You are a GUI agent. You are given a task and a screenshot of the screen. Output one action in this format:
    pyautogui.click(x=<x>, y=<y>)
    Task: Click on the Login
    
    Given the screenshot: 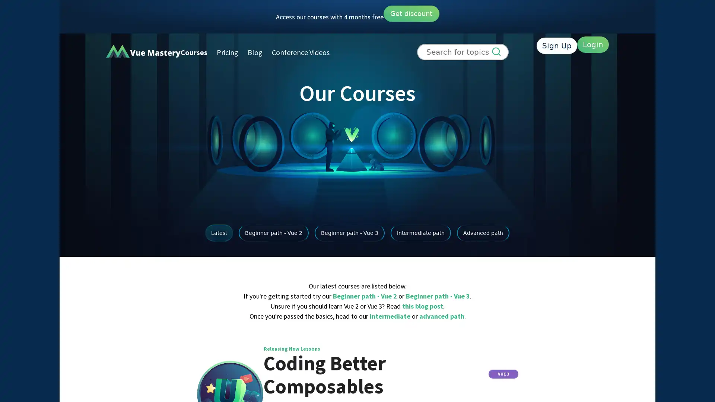 What is the action you would take?
    pyautogui.click(x=588, y=51)
    